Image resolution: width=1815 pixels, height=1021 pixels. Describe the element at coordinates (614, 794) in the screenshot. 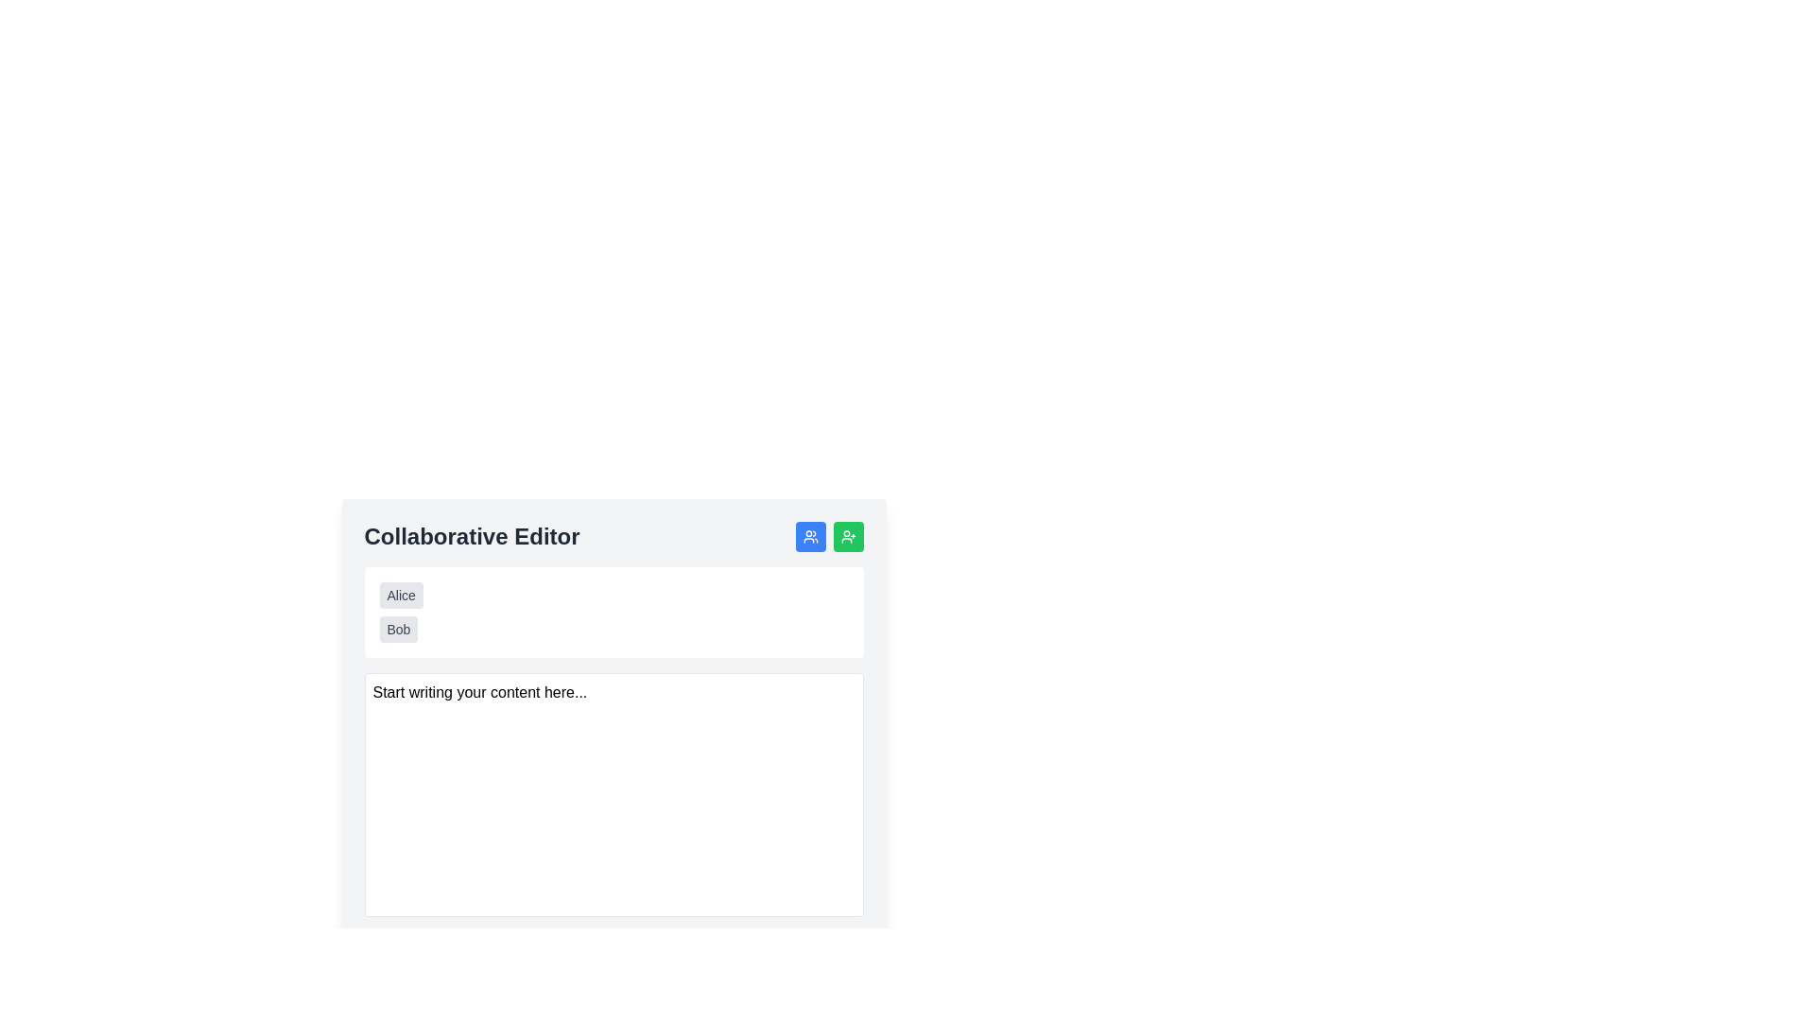

I see `text within the Textarea located in the 'Collaborative Editor' panel, positioned below the labels 'Alice' and 'Bob' and above the 'Edit' button` at that location.